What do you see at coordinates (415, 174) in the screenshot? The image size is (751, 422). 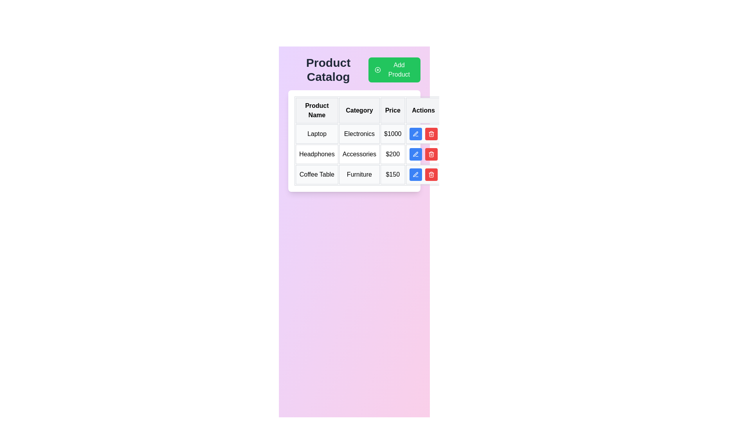 I see `the leftmost button in the 'Actions' column of the third row in the data table` at bounding box center [415, 174].